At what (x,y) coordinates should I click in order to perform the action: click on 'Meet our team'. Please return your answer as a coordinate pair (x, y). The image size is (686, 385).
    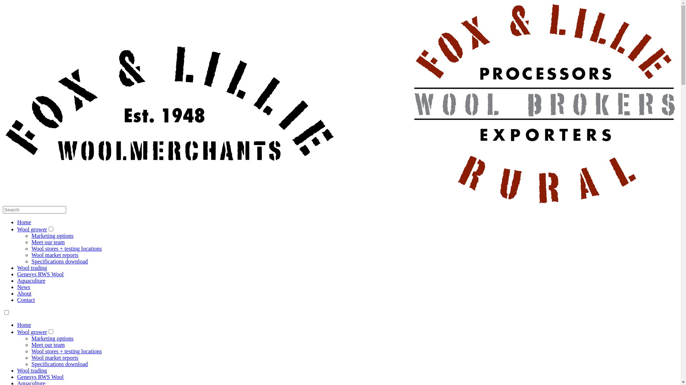
    Looking at the image, I should click on (48, 344).